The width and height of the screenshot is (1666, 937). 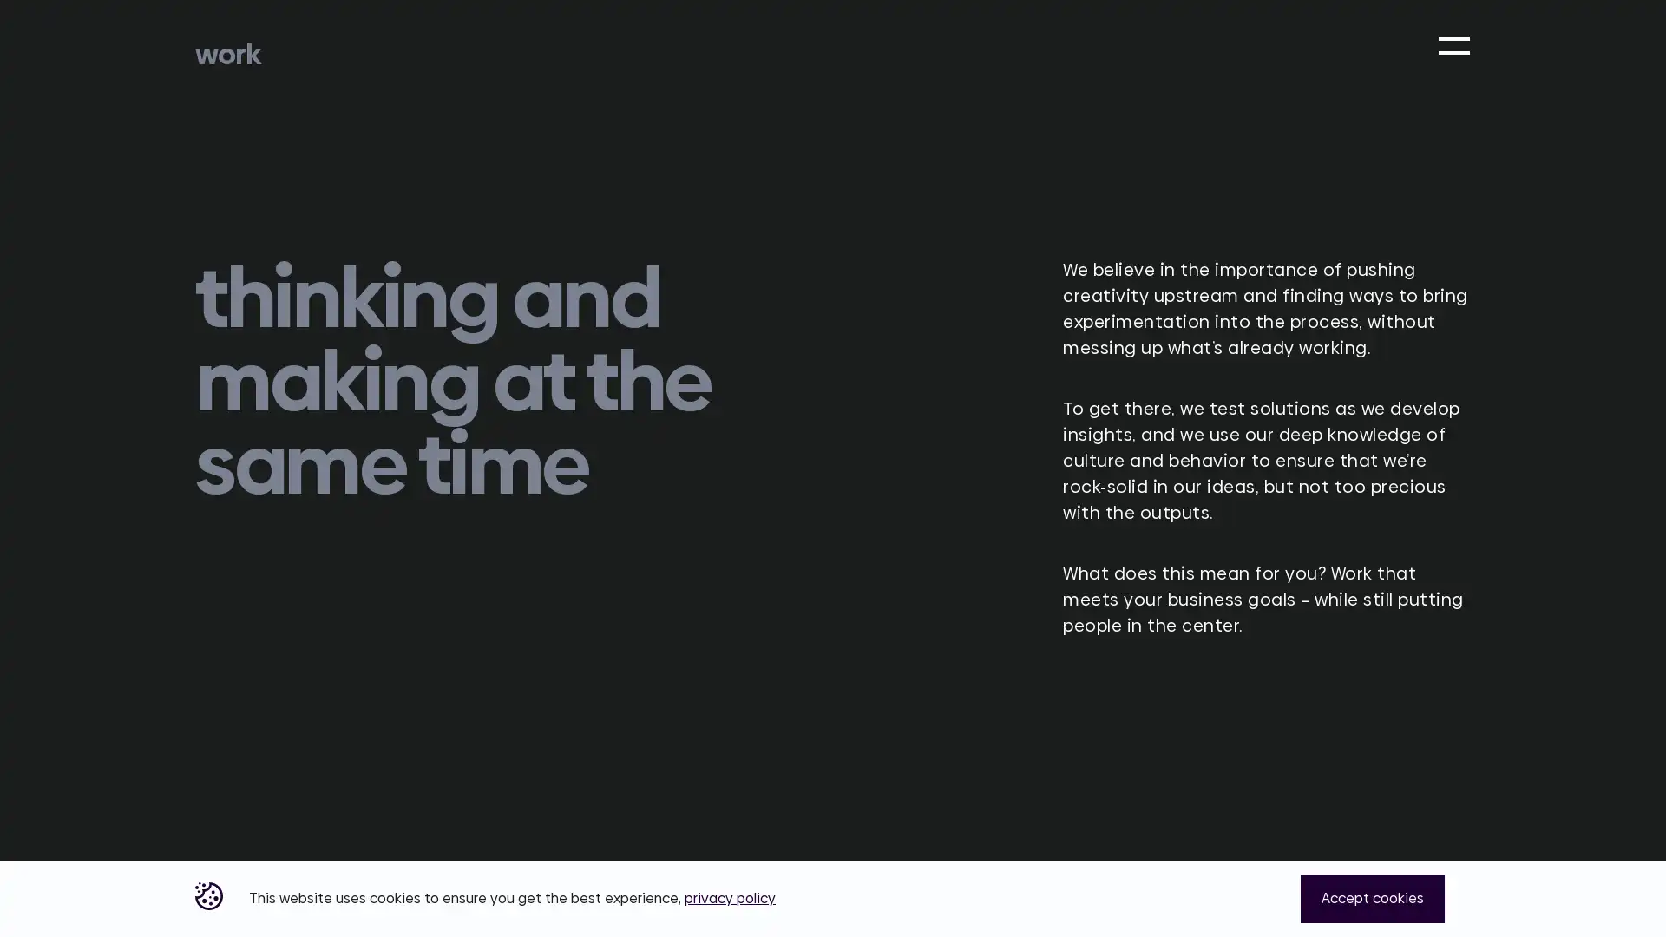 What do you see at coordinates (1457, 899) in the screenshot?
I see `Close` at bounding box center [1457, 899].